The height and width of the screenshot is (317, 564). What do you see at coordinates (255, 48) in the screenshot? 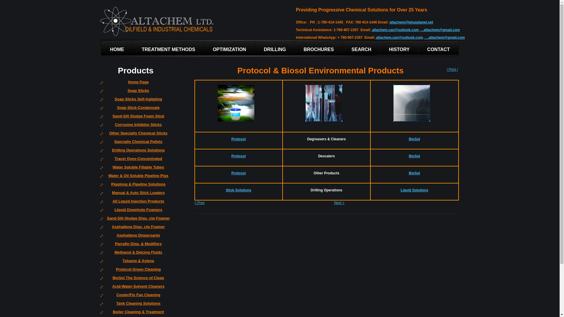
I see `'DRILLING'` at bounding box center [255, 48].